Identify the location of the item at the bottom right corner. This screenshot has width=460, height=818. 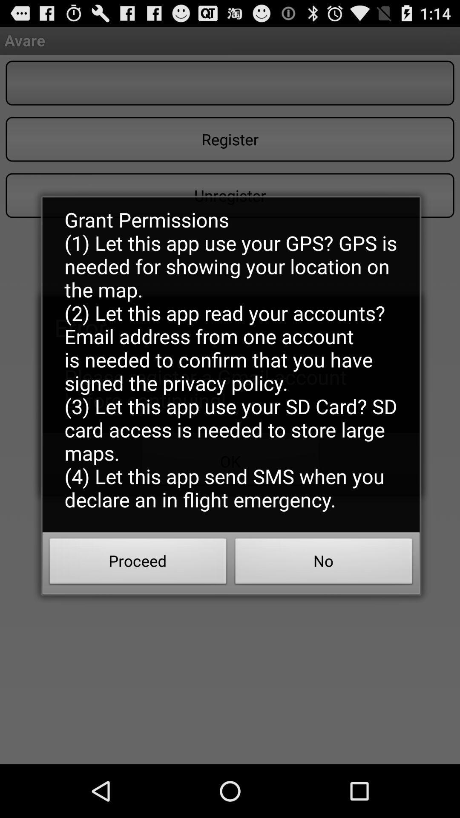
(324, 564).